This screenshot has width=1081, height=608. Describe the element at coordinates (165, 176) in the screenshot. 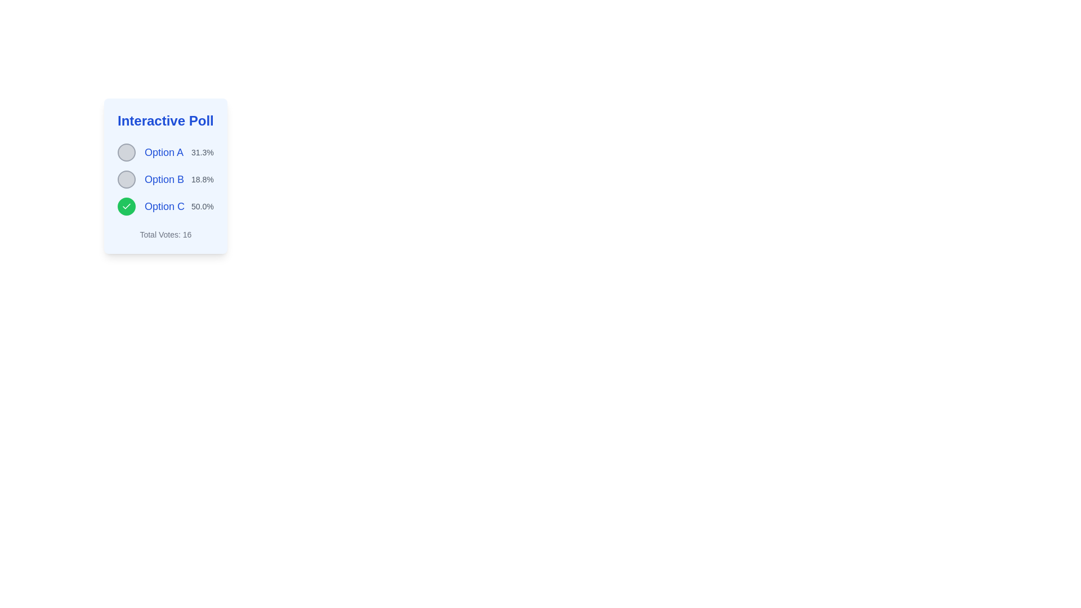

I see `one of the selectable options in the Polling widget to mark it as selected` at that location.